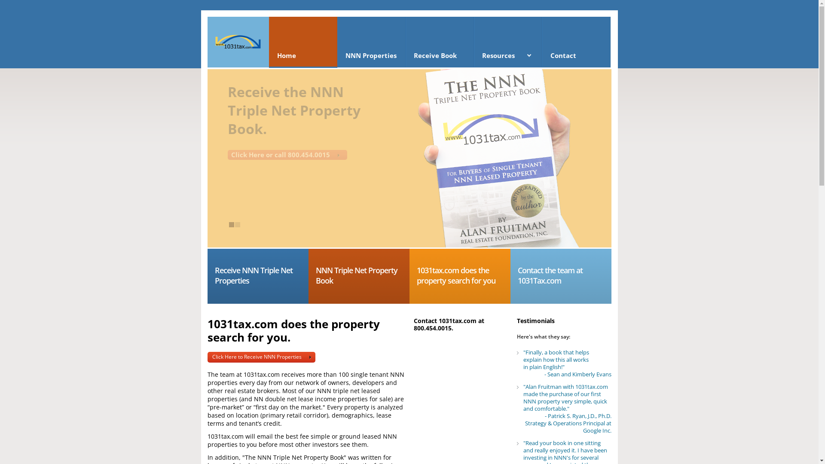  I want to click on 'Contact the team at 1031Tax.com', so click(561, 276).